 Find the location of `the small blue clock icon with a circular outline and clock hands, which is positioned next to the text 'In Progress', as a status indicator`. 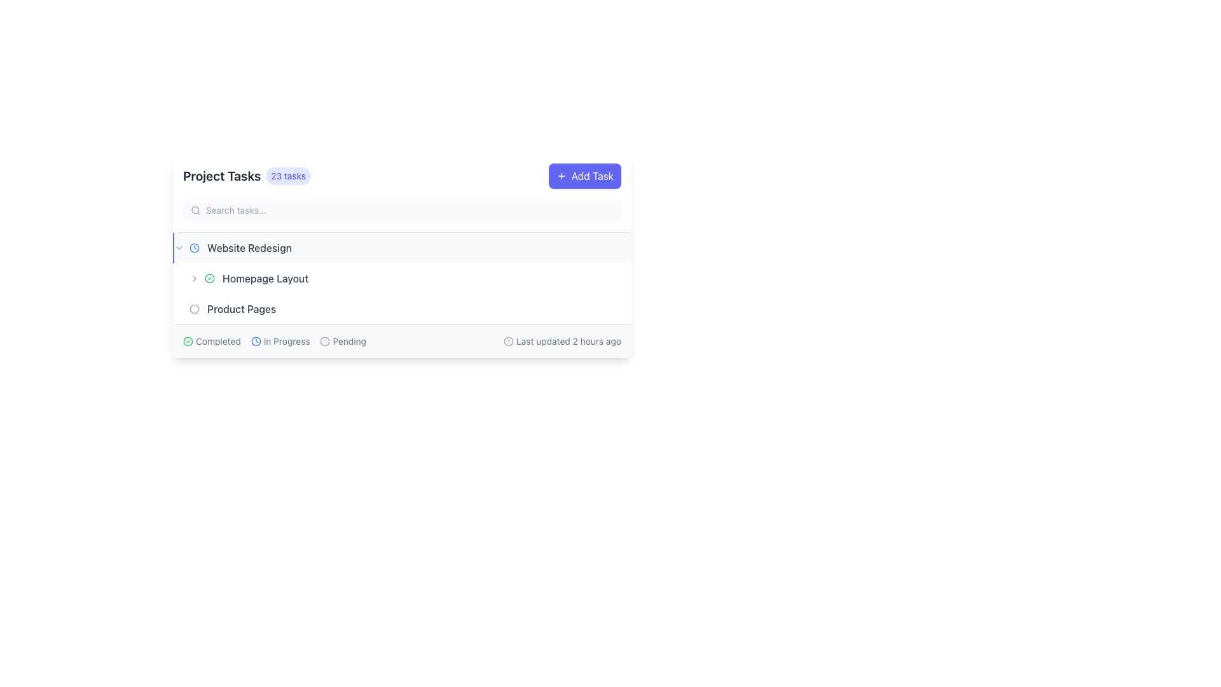

the small blue clock icon with a circular outline and clock hands, which is positioned next to the text 'In Progress', as a status indicator is located at coordinates (255, 340).